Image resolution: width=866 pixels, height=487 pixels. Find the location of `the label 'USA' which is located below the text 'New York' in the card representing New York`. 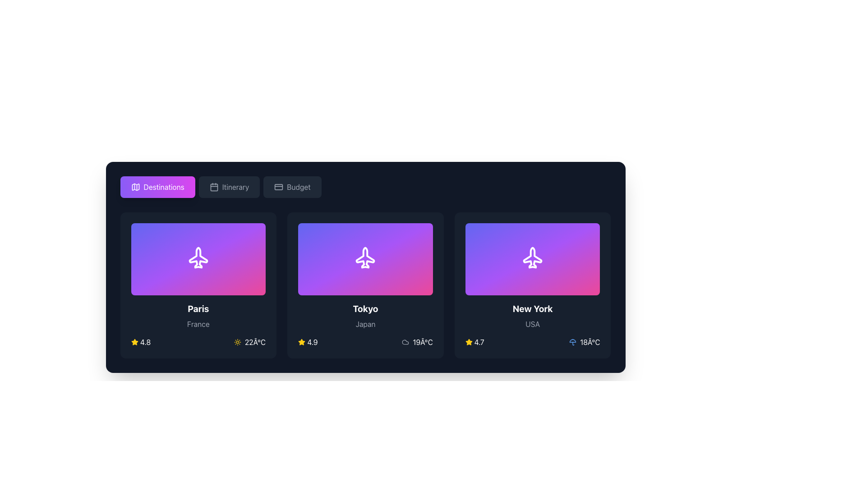

the label 'USA' which is located below the text 'New York' in the card representing New York is located at coordinates (533, 323).